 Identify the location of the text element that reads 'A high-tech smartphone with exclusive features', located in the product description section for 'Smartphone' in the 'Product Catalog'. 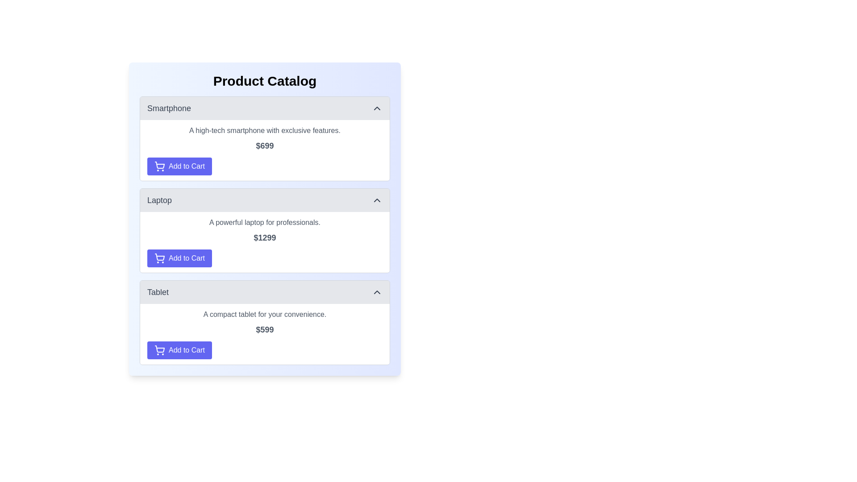
(264, 131).